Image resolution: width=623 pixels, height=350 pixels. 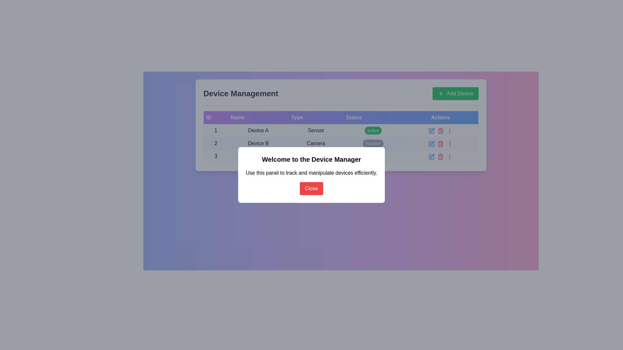 What do you see at coordinates (341, 143) in the screenshot?
I see `the second row of the device table that displays information specific to a device, including its identifier, name, type, and current status` at bounding box center [341, 143].